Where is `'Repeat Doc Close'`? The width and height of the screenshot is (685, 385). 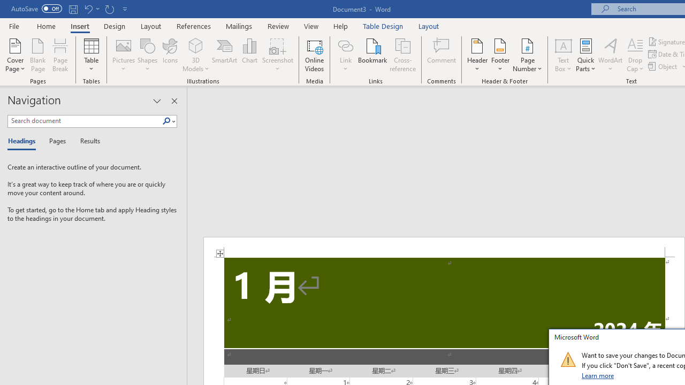
'Repeat Doc Close' is located at coordinates (109, 9).